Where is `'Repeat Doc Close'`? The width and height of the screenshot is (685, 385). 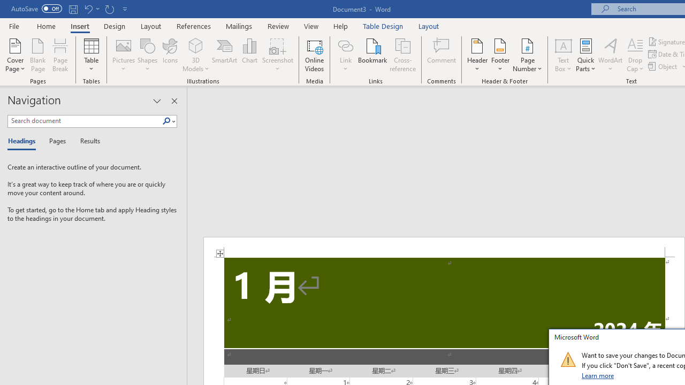
'Repeat Doc Close' is located at coordinates (109, 9).